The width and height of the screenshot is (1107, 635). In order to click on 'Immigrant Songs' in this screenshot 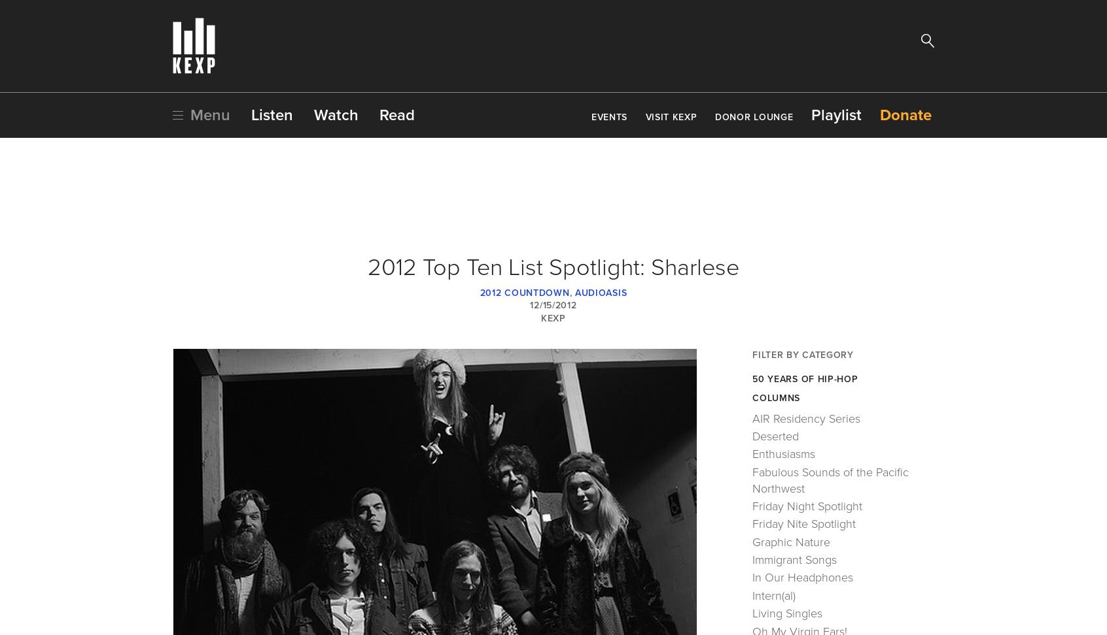, I will do `click(752, 560)`.